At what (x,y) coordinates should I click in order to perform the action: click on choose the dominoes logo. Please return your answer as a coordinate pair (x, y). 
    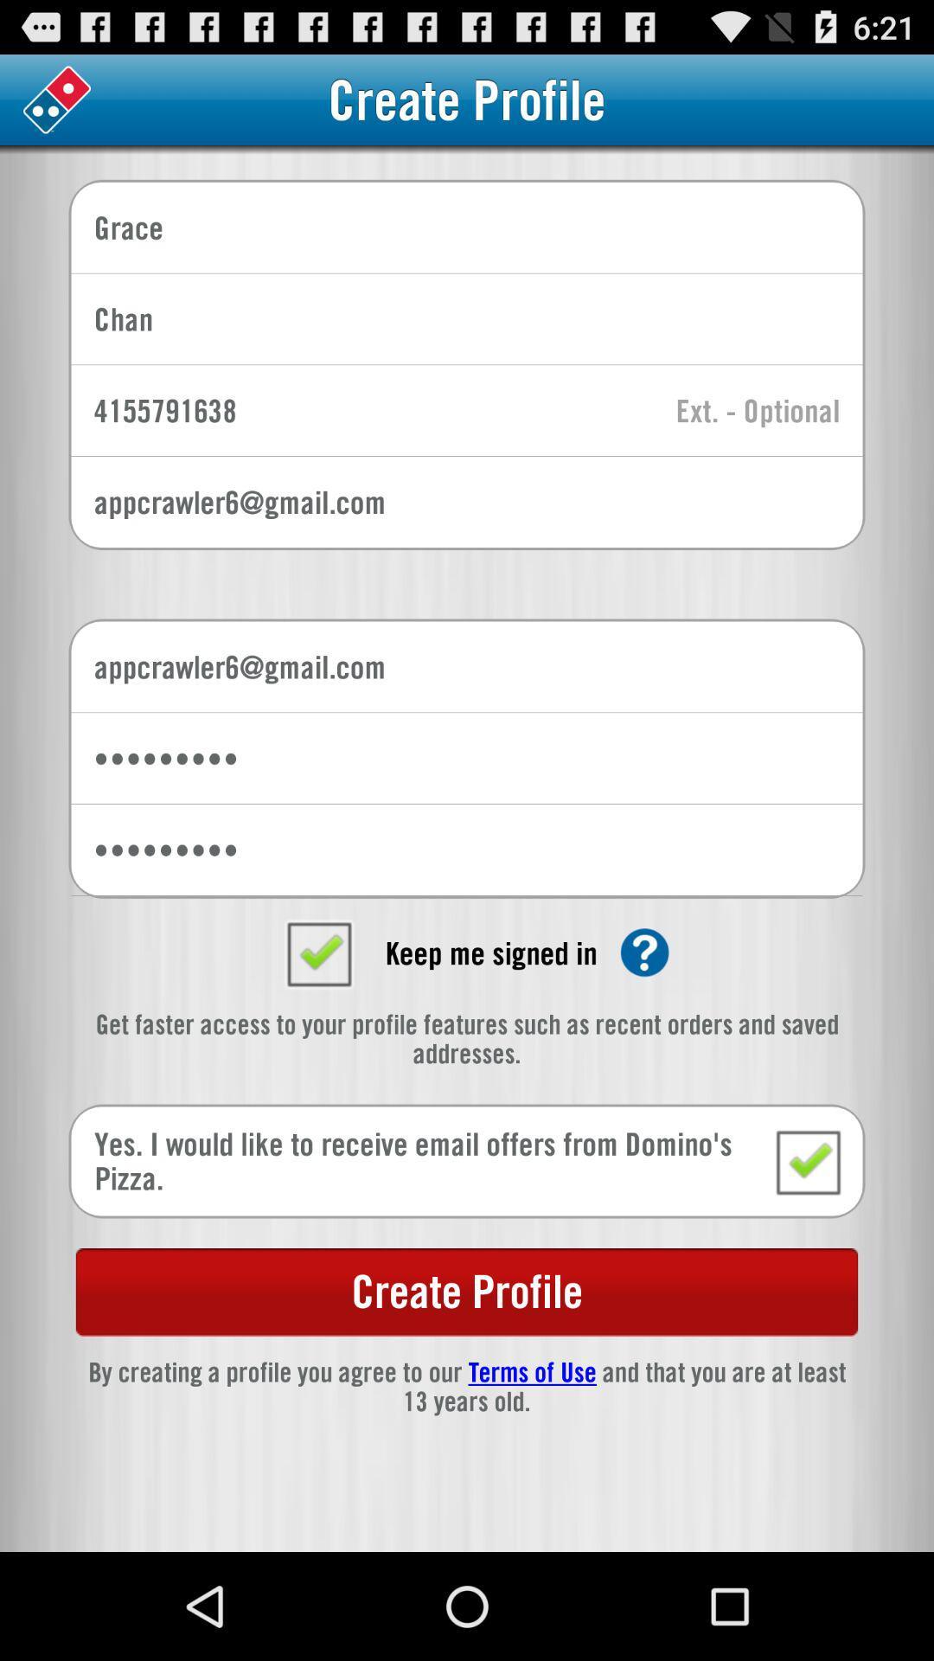
    Looking at the image, I should click on (55, 99).